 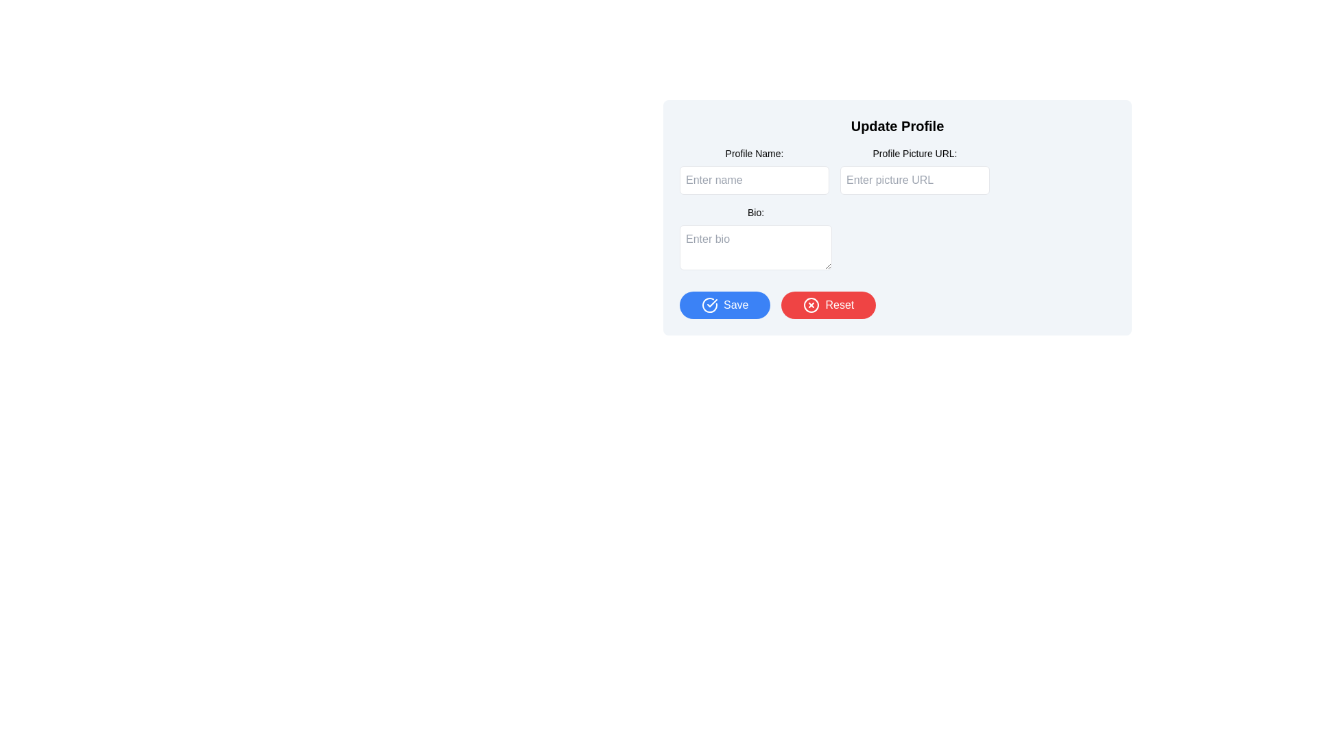 What do you see at coordinates (724, 304) in the screenshot?
I see `the save button located at the bottom of the form, which is the first button in a row of buttons and positioned to the left of the red 'Reset' button` at bounding box center [724, 304].